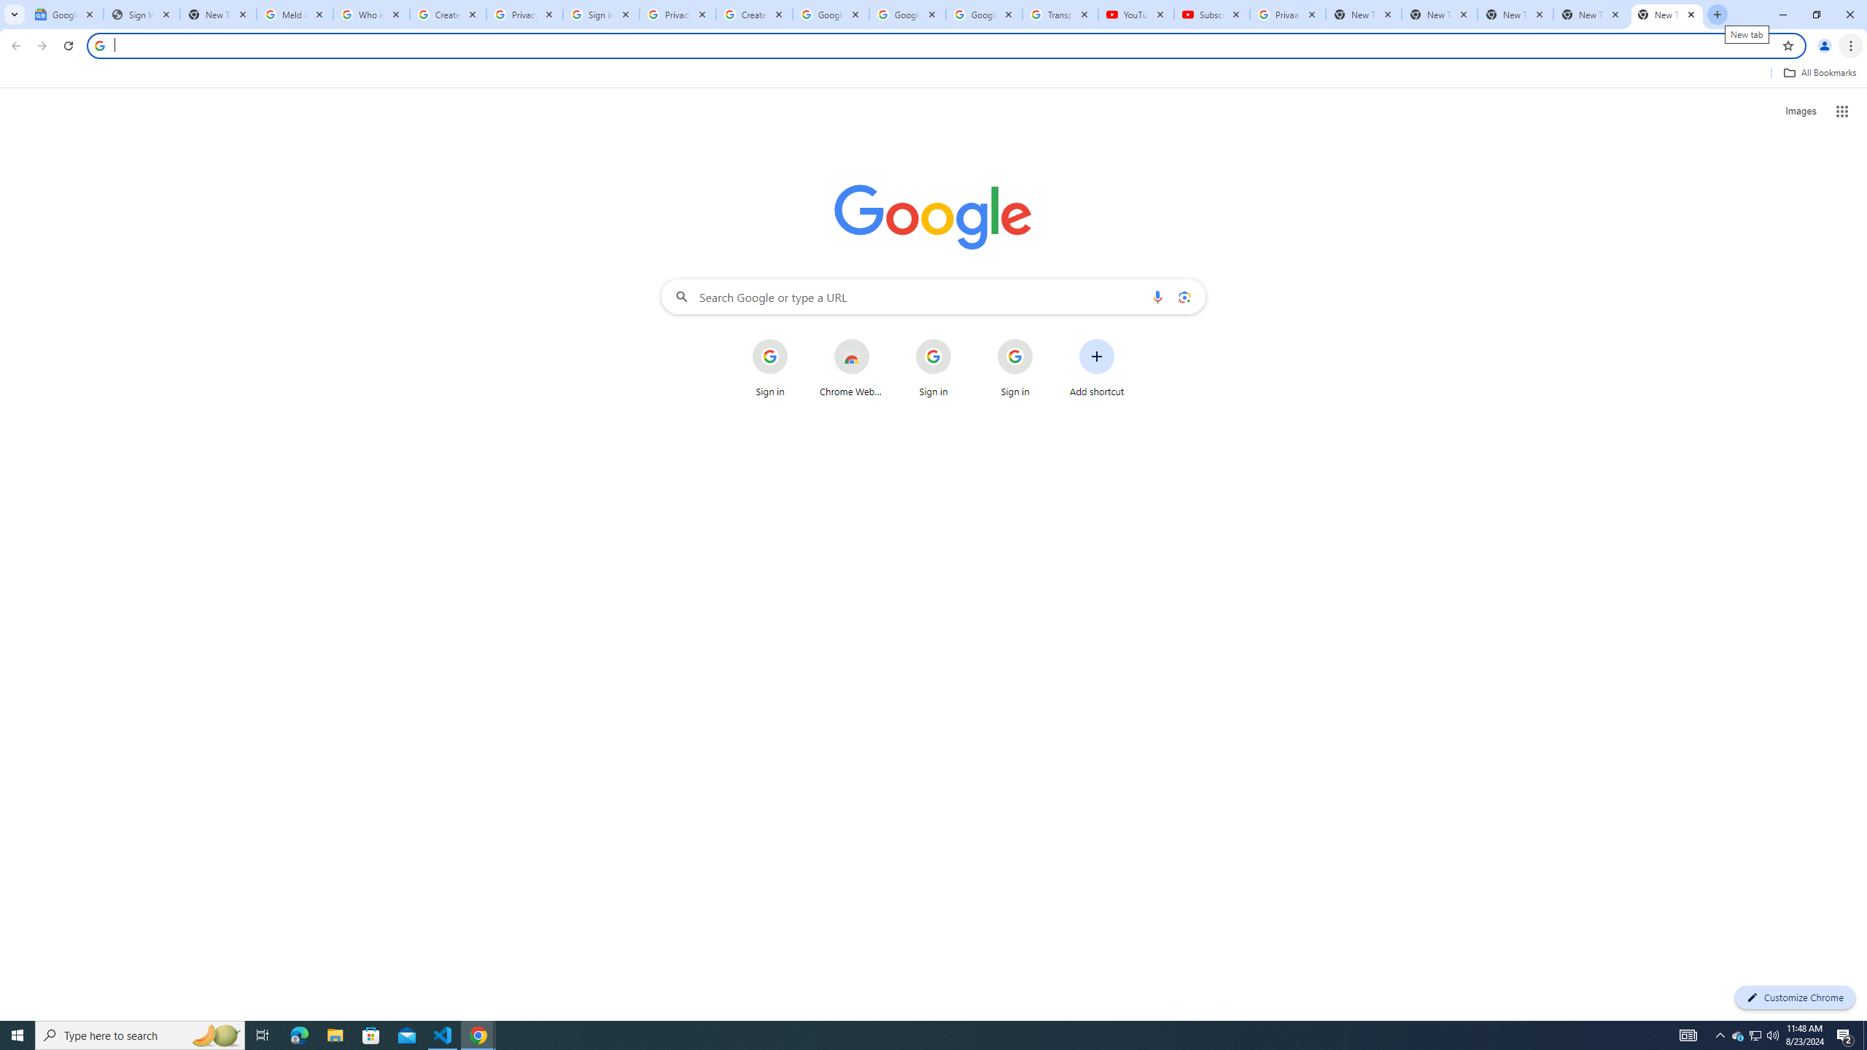 This screenshot has width=1867, height=1050. Describe the element at coordinates (754, 14) in the screenshot. I see `'Create your Google Account'` at that location.